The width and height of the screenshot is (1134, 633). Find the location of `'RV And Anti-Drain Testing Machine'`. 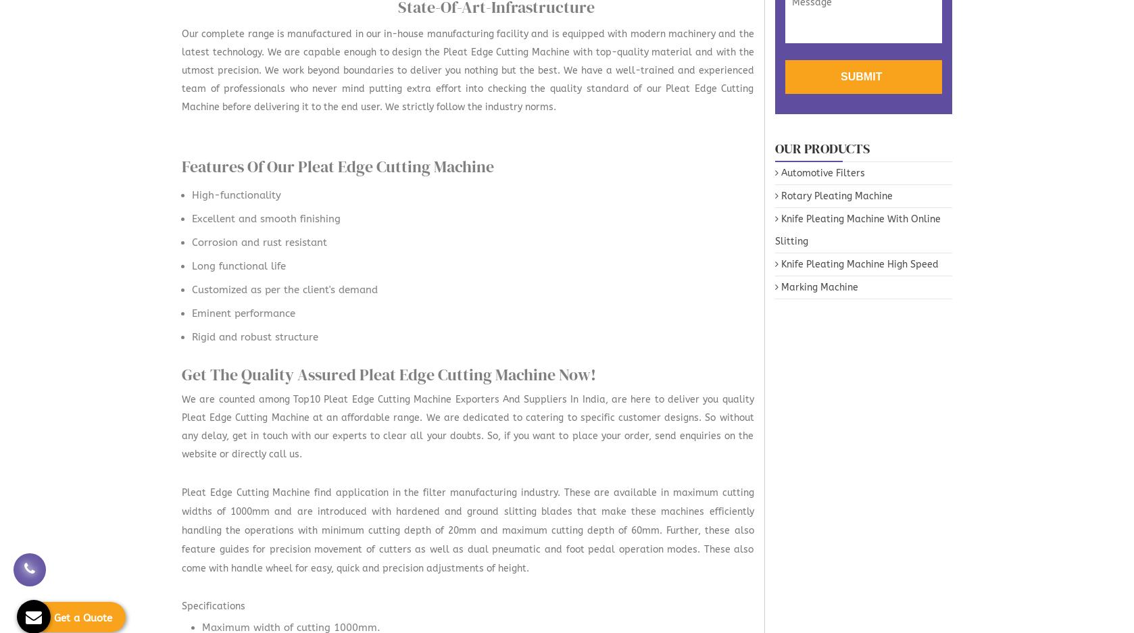

'RV And Anti-Drain Testing Machine' is located at coordinates (762, 111).